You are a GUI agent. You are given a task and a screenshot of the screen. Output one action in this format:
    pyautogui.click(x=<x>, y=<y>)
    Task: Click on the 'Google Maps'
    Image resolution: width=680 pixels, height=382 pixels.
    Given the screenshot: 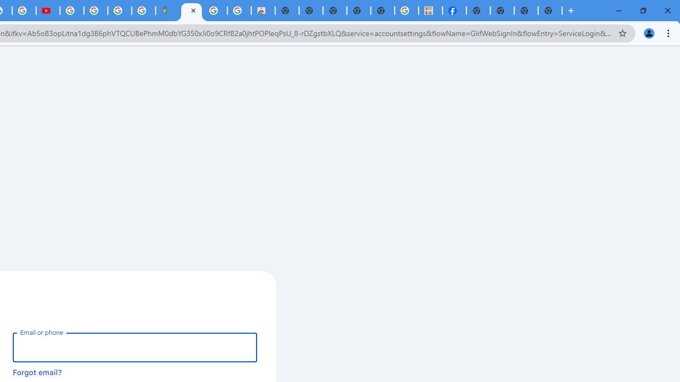 What is the action you would take?
    pyautogui.click(x=167, y=11)
    